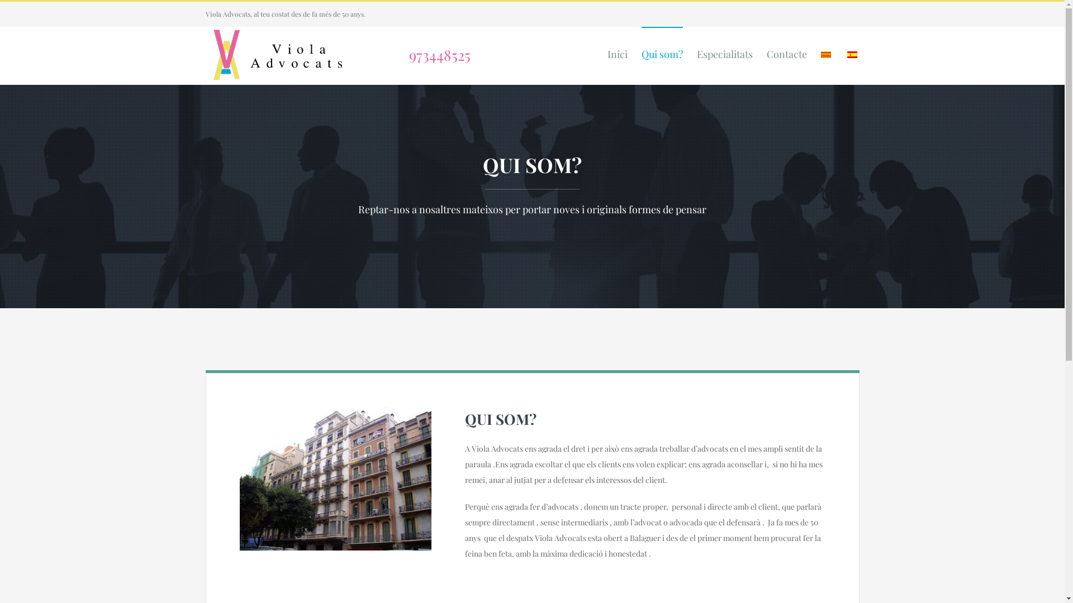 Image resolution: width=1073 pixels, height=603 pixels. Describe the element at coordinates (616, 54) in the screenshot. I see `'Inici'` at that location.